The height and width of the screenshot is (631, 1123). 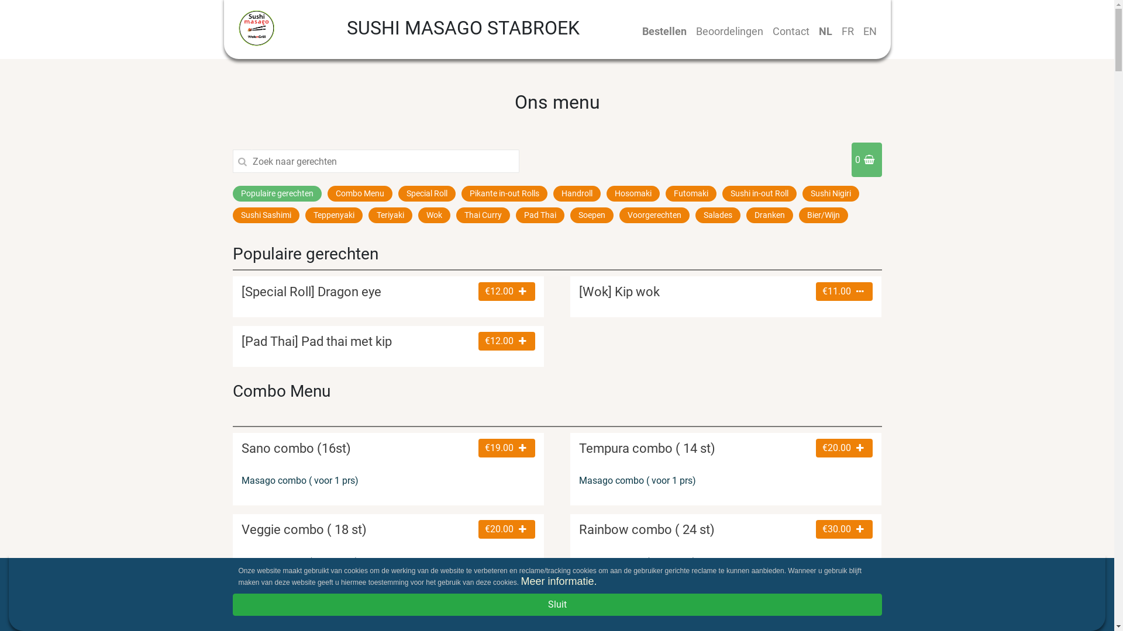 I want to click on 'Populaire gerechten', so click(x=277, y=193).